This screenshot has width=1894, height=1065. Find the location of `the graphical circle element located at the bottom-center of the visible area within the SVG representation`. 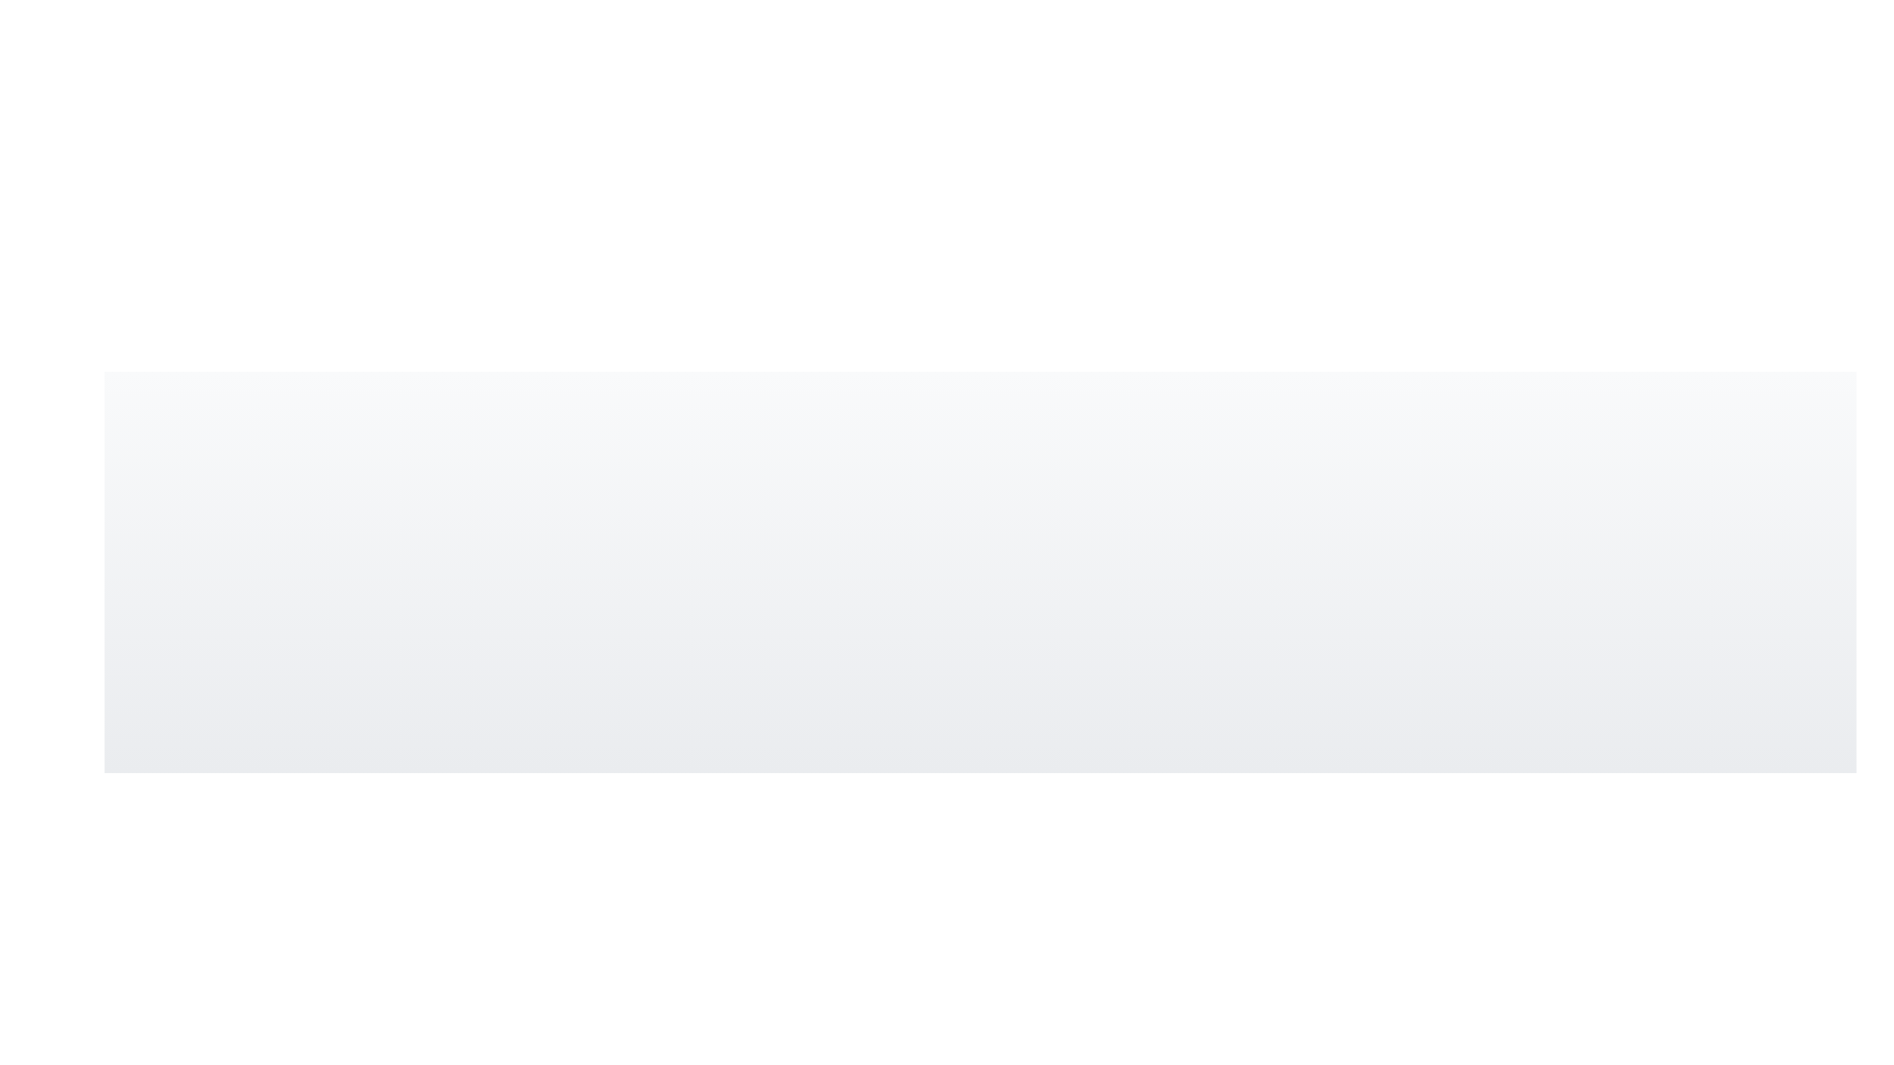

the graphical circle element located at the bottom-center of the visible area within the SVG representation is located at coordinates (980, 909).